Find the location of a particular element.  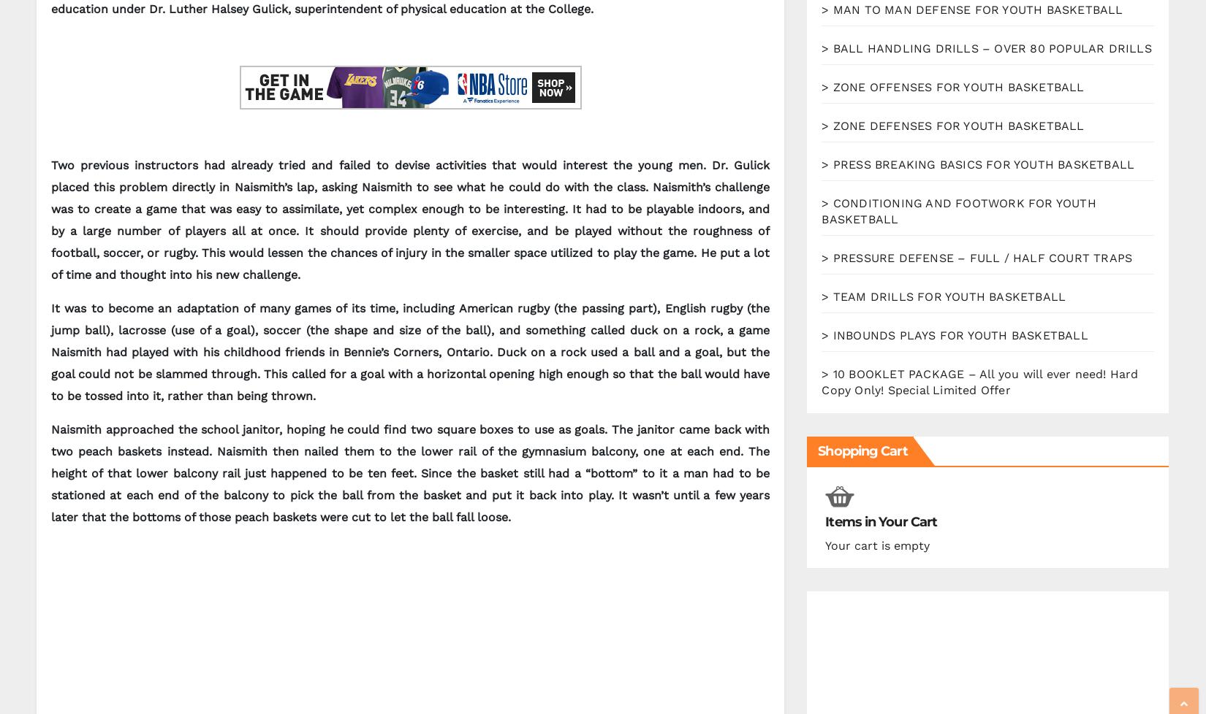

'> BALL HANDLING DRILLS – OVER 80 POPULAR DRILLS' is located at coordinates (985, 48).